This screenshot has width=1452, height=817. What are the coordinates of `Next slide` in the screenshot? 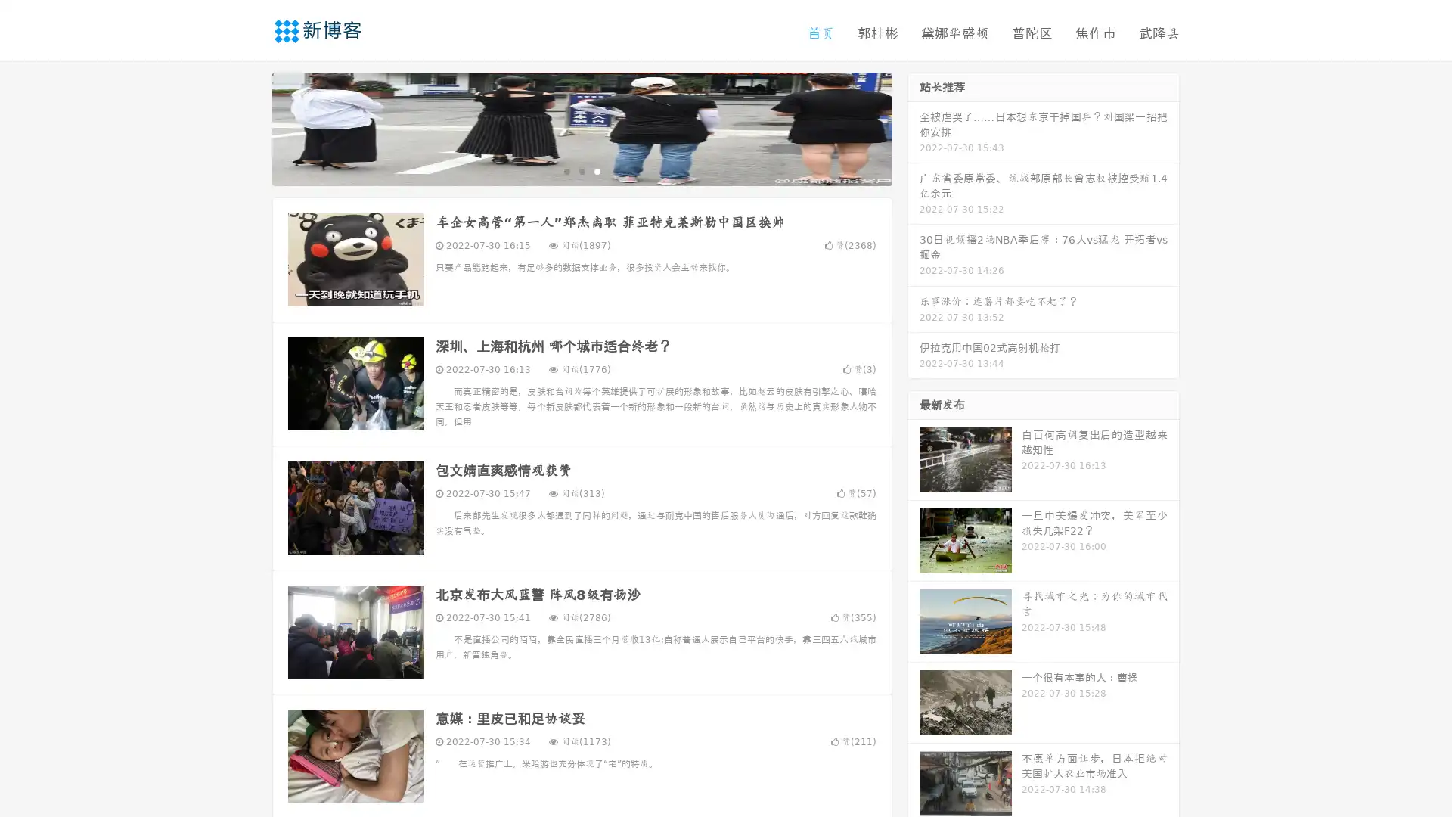 It's located at (914, 127).